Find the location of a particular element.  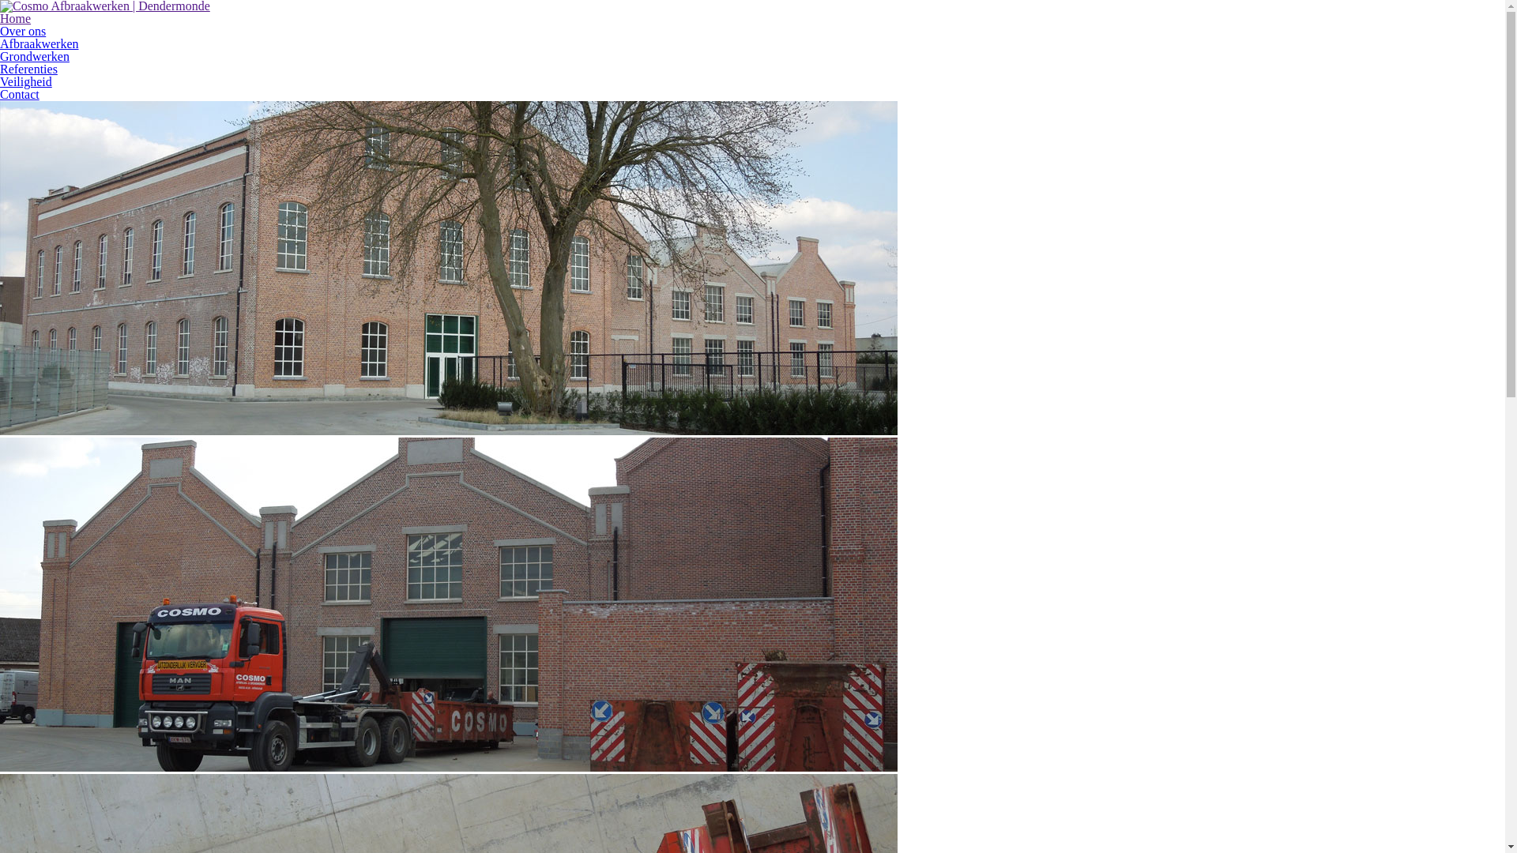

'Contact' is located at coordinates (19, 94).